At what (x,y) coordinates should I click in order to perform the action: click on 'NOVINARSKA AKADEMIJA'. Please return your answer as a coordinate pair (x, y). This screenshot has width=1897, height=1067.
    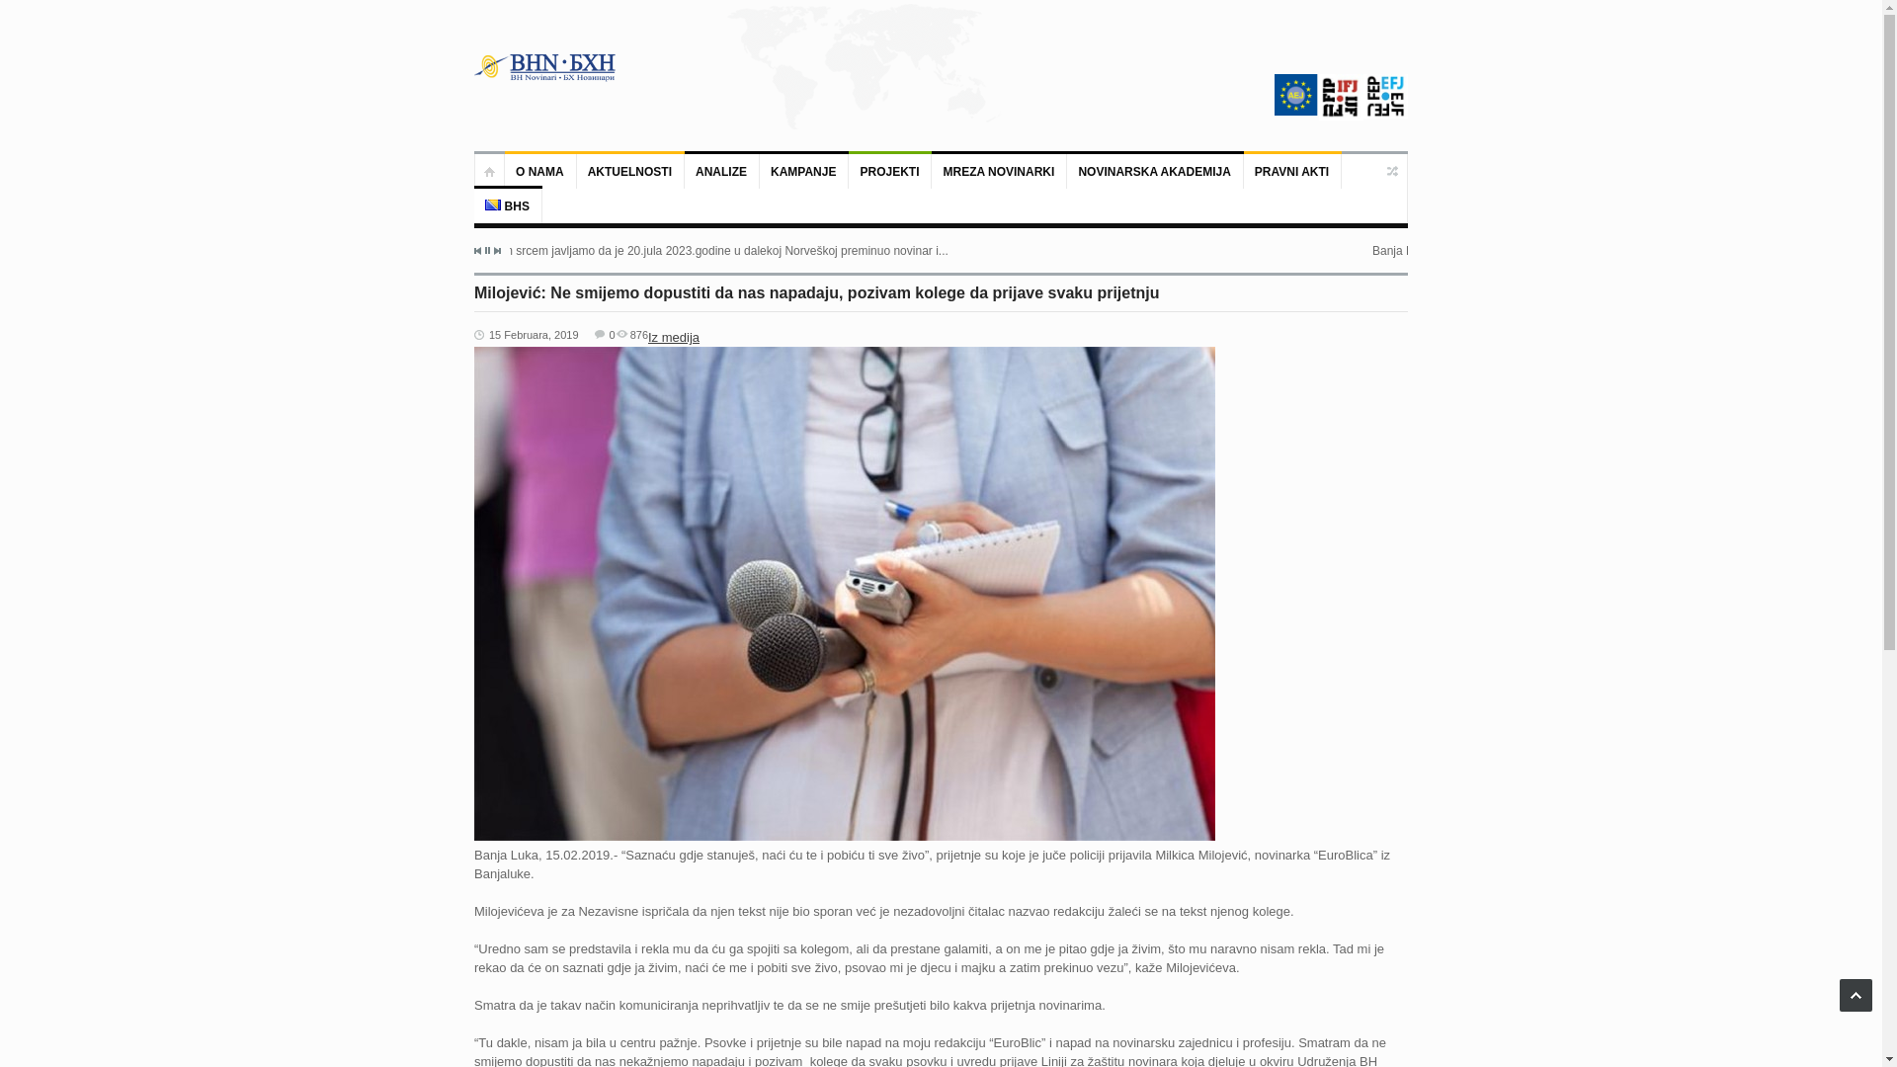
    Looking at the image, I should click on (1155, 170).